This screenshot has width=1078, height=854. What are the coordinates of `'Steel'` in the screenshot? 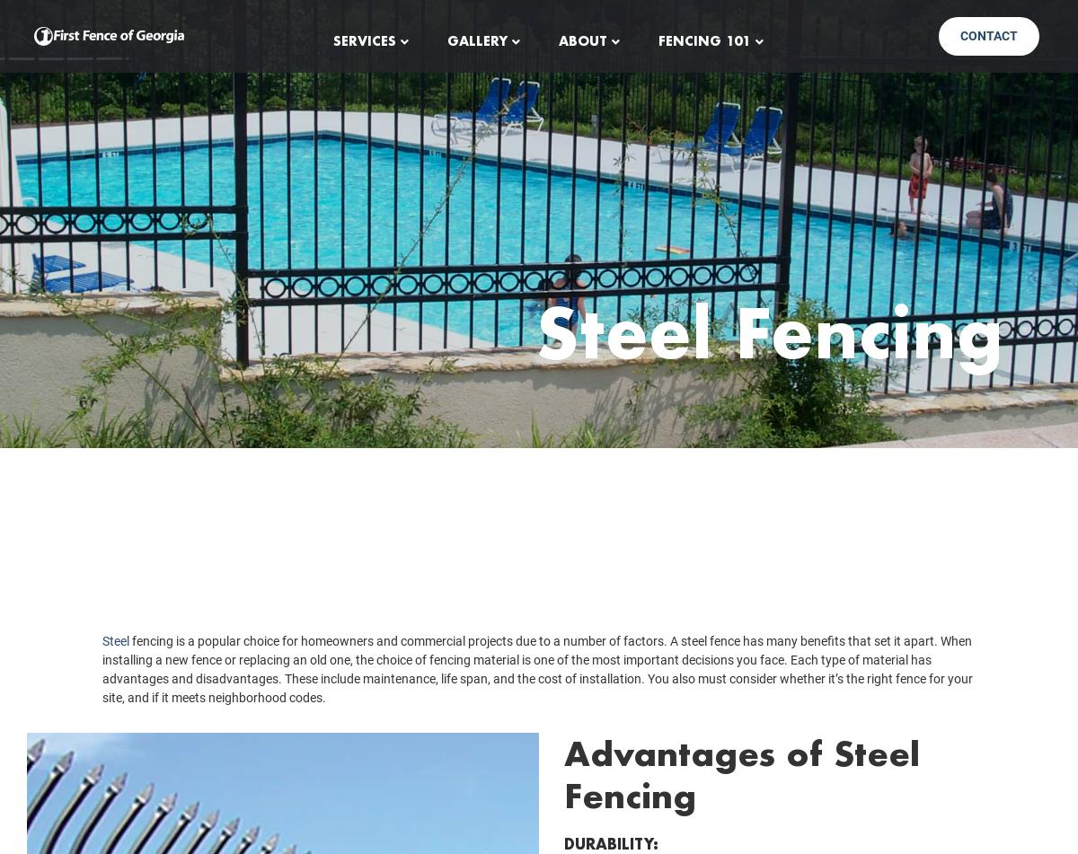 It's located at (116, 666).